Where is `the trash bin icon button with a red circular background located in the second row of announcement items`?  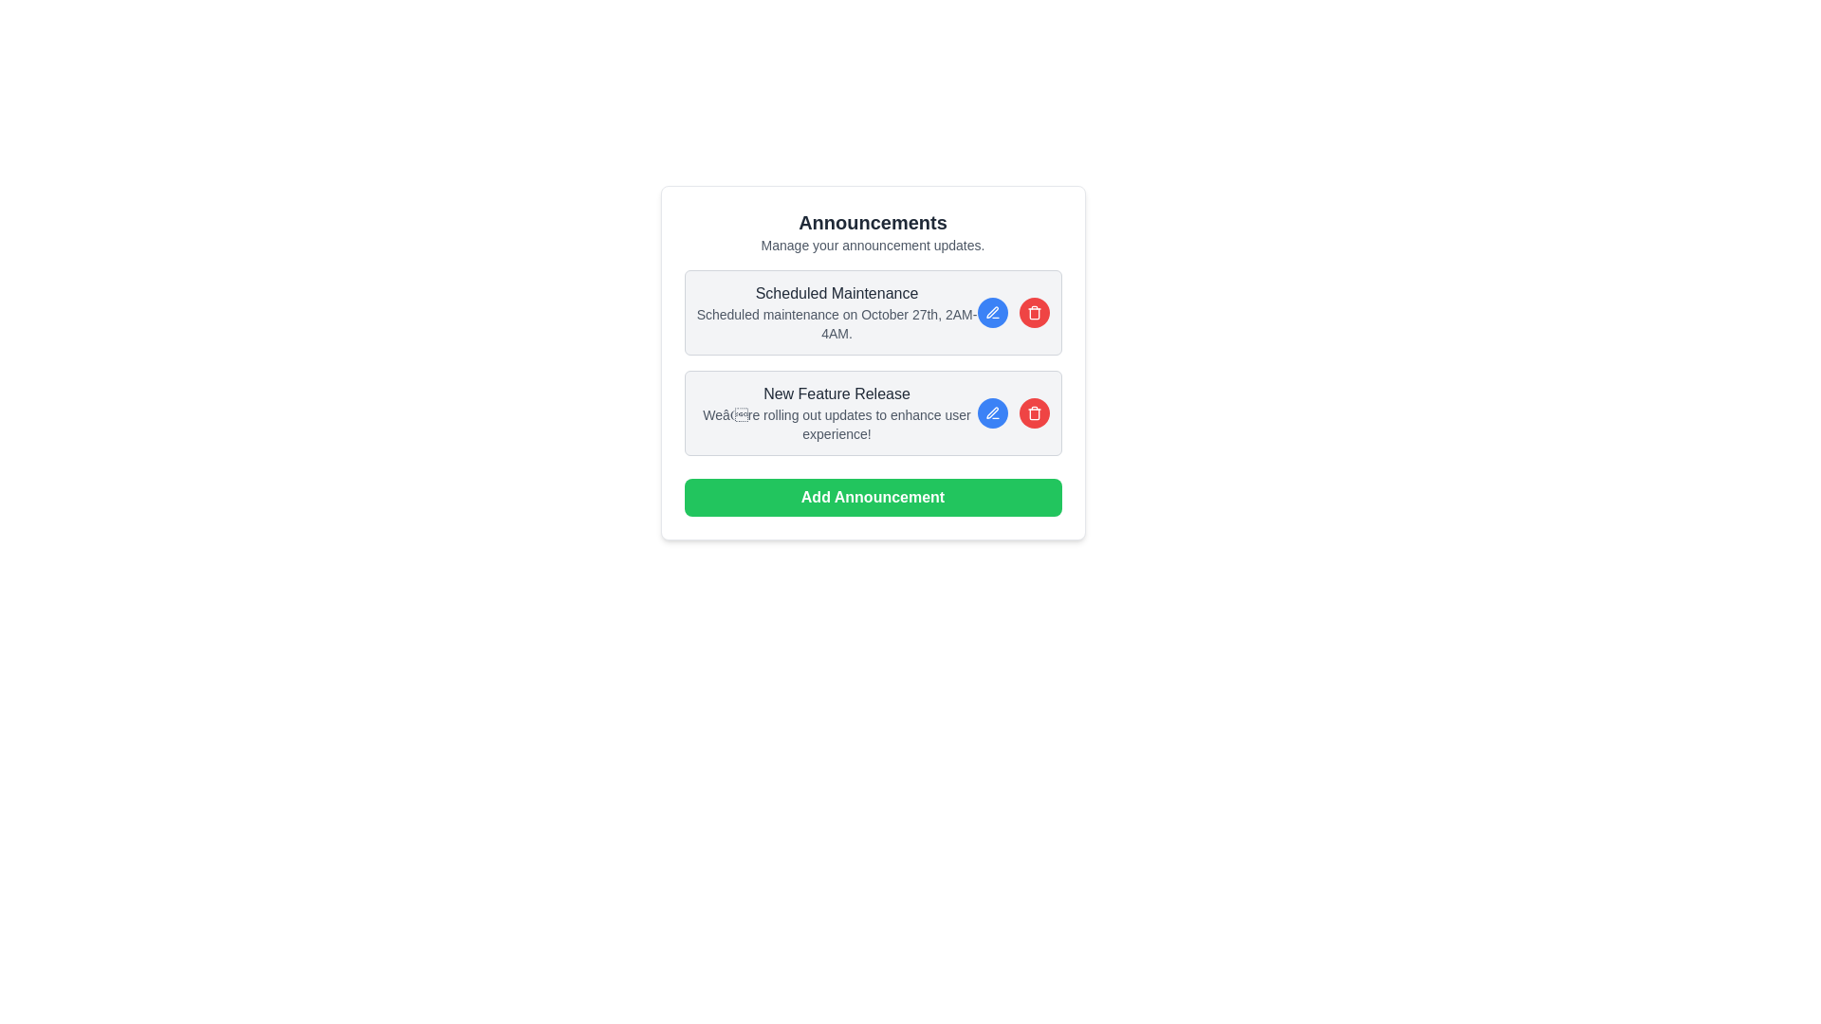
the trash bin icon button with a red circular background located in the second row of announcement items is located at coordinates (1033, 312).